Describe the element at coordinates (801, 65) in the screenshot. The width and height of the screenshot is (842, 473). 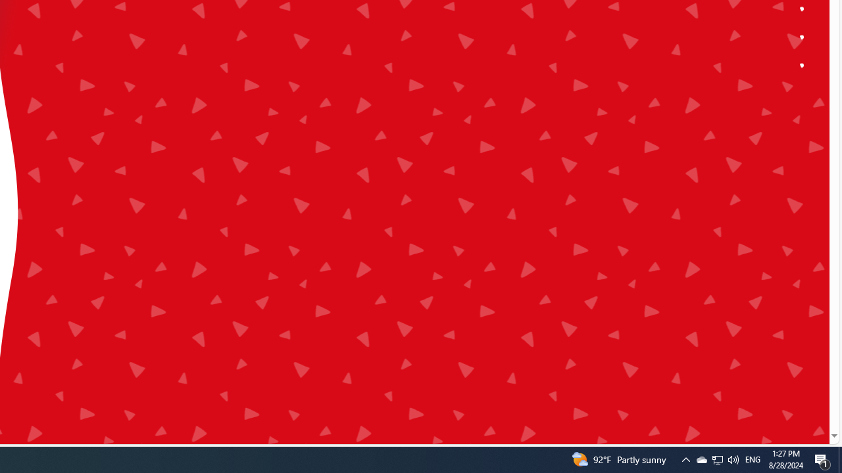
I see `'Class: ytk-dot-nav__circle'` at that location.